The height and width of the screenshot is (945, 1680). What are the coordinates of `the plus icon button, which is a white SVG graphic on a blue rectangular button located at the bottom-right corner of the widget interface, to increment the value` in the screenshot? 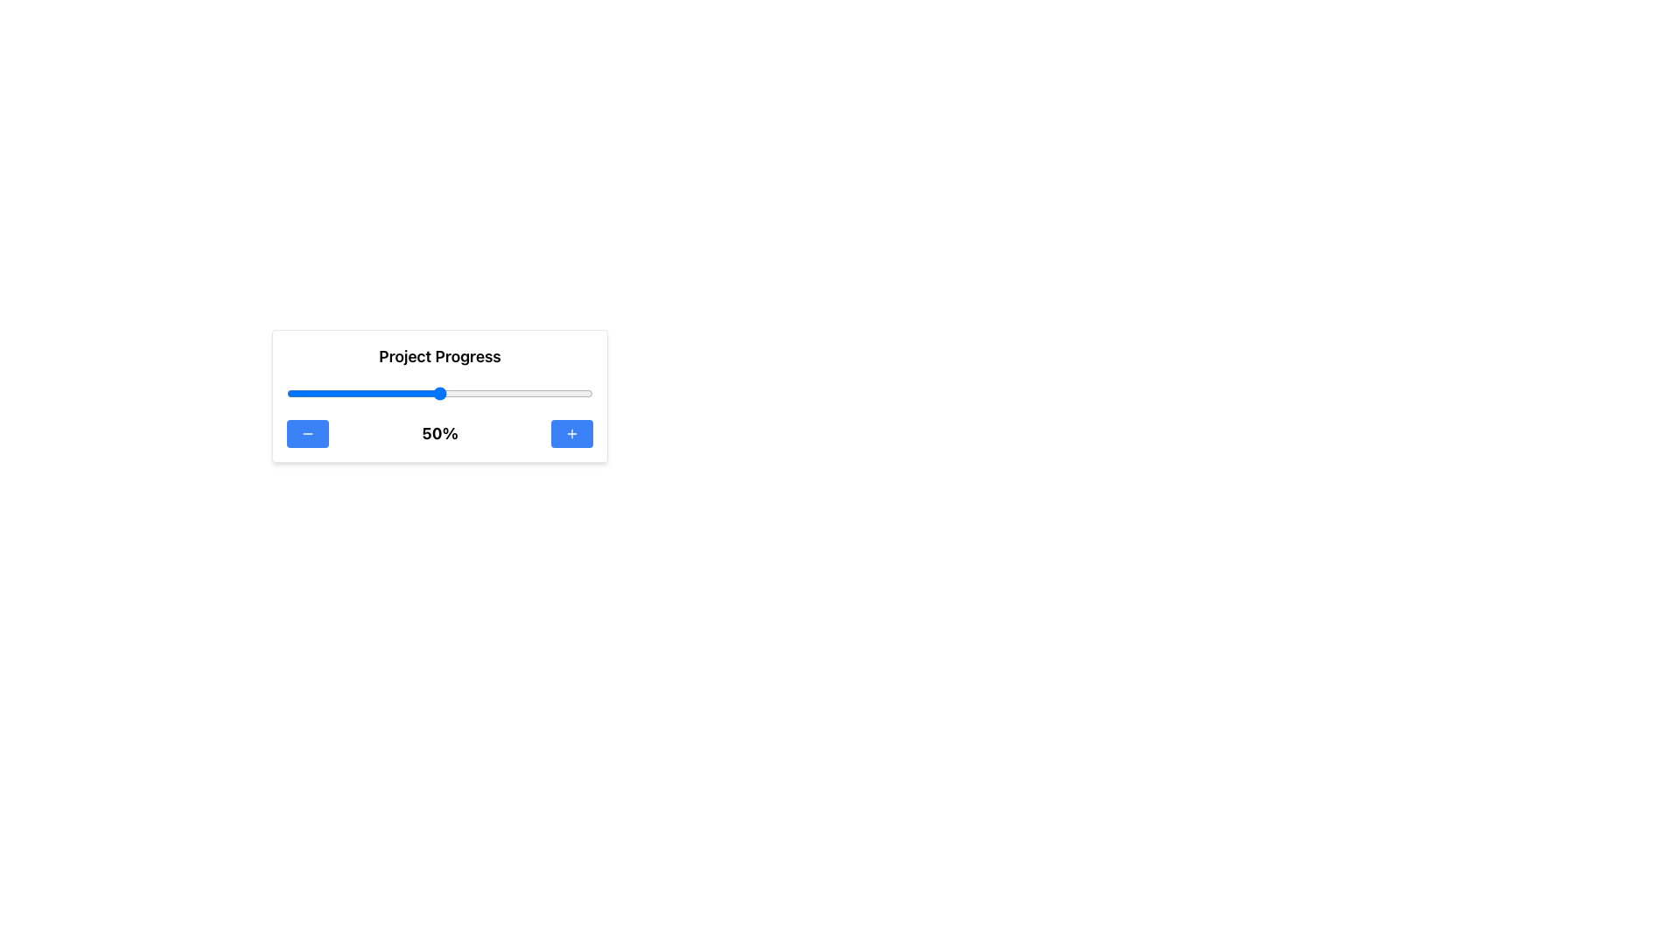 It's located at (571, 433).